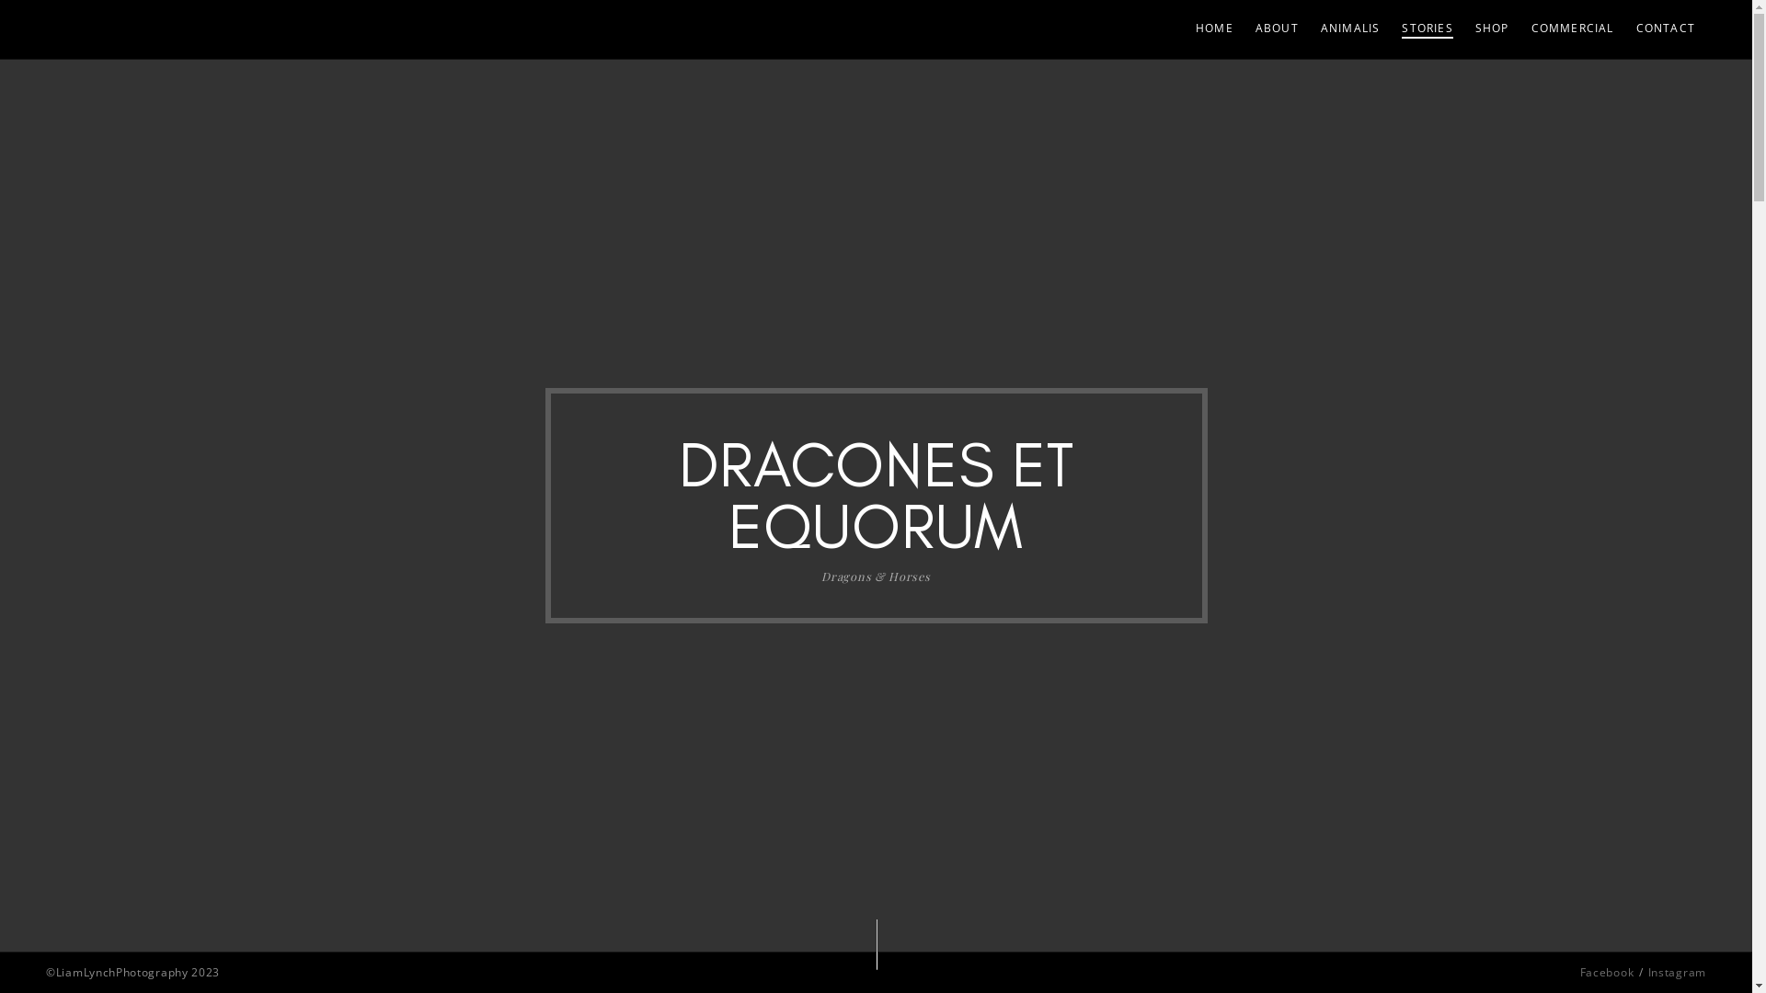 Image resolution: width=1766 pixels, height=993 pixels. I want to click on 'STORIES', so click(1426, 29).